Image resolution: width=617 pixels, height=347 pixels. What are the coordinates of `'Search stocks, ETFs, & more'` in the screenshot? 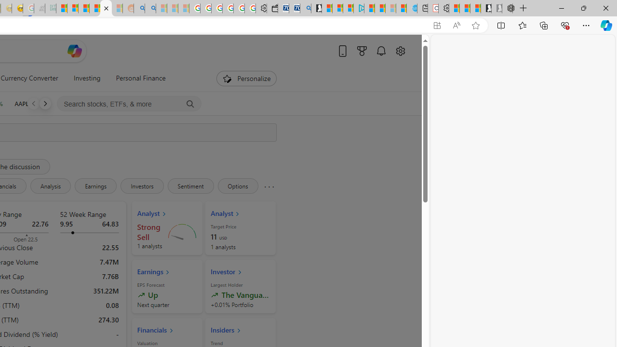 It's located at (129, 104).